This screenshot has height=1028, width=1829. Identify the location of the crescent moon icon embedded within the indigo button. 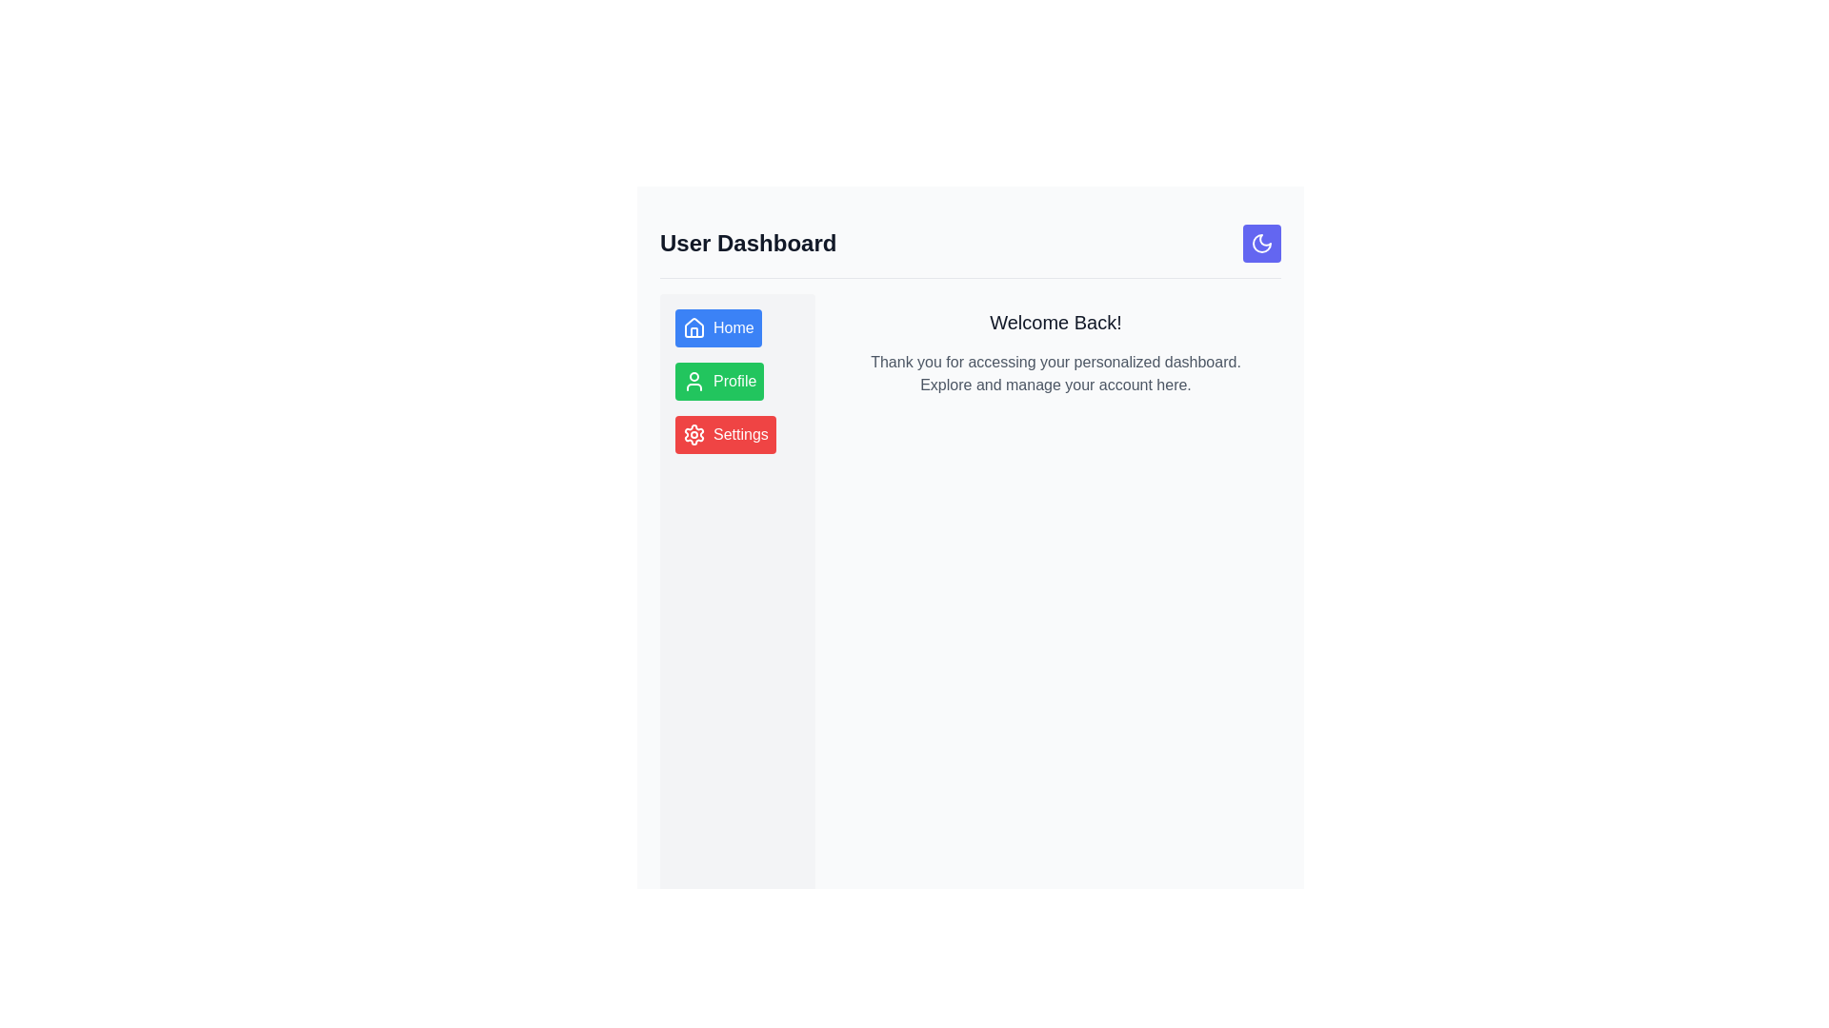
(1261, 242).